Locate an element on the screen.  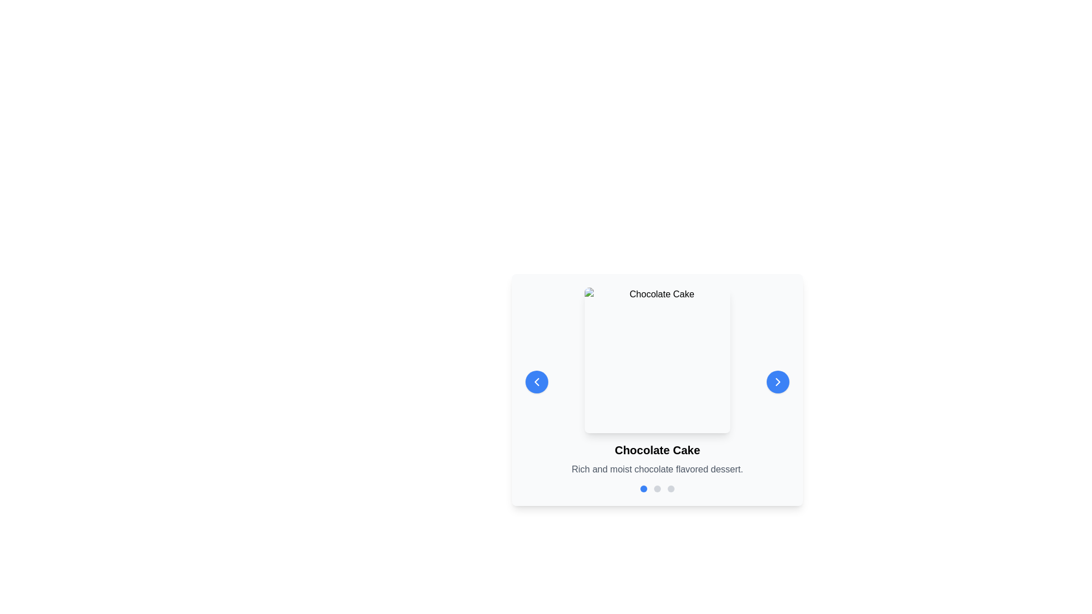
the right-pointing chevron arrow icon inside the blue circular button is located at coordinates (777, 381).